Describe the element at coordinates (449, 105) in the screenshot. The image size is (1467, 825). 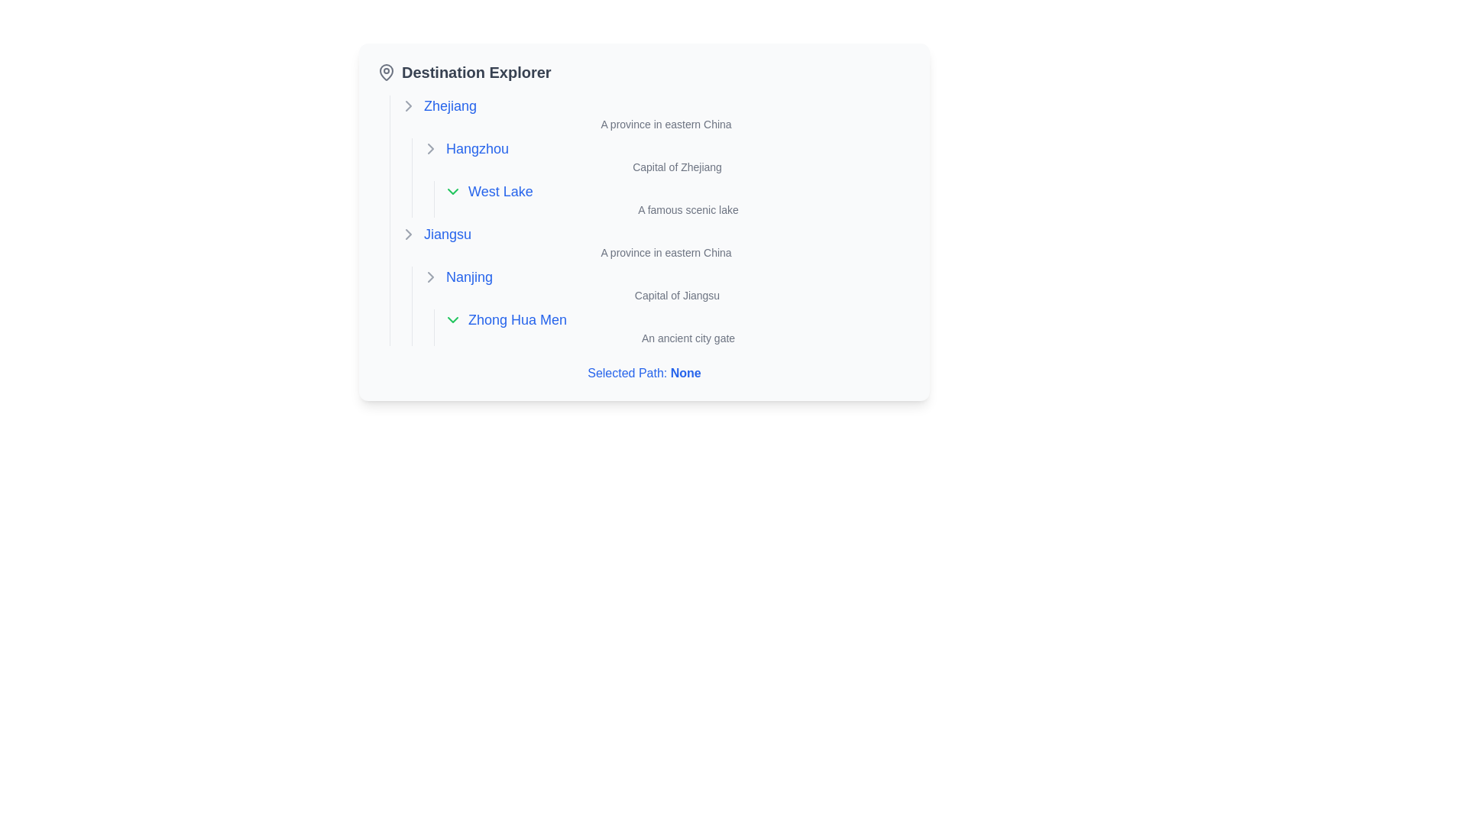
I see `the bold blue hyperlink labeled 'Zhejiang' in the 'Destination Explorer' section` at that location.